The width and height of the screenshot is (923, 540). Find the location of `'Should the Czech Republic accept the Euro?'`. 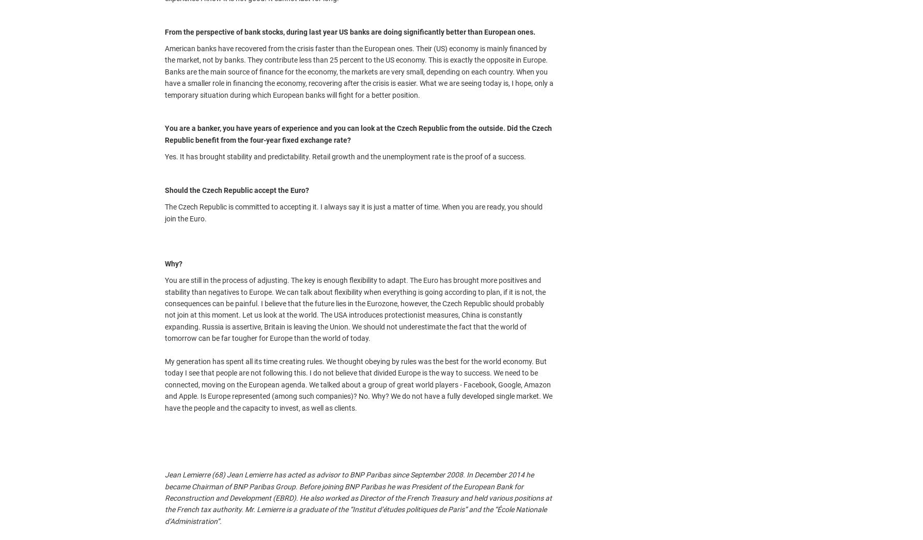

'Should the Czech Republic accept the Euro?' is located at coordinates (236, 189).